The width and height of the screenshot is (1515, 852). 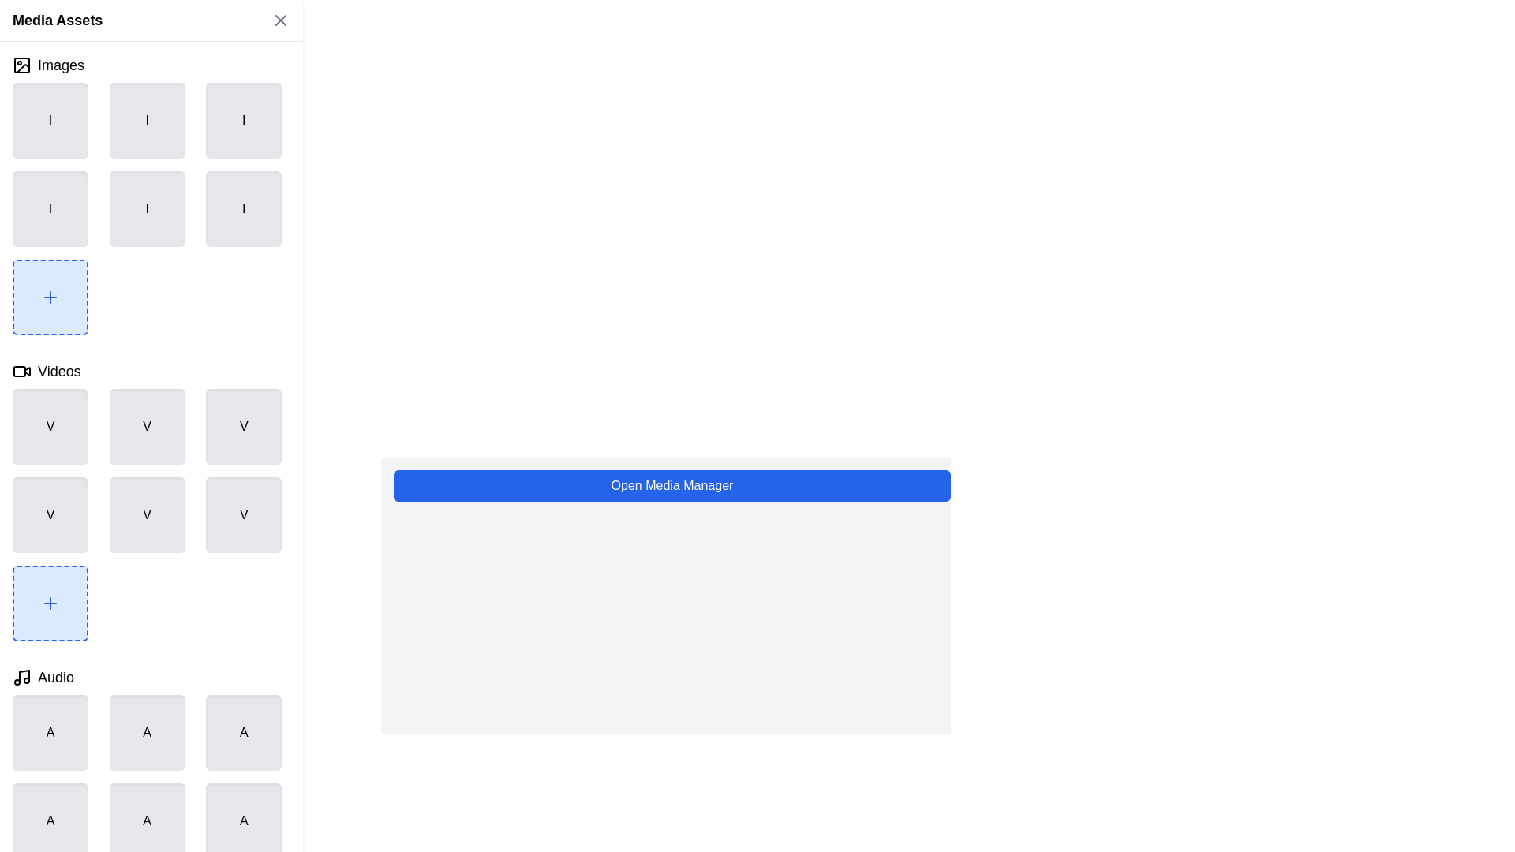 I want to click on the static visual placeholder for the 'Audio' file located in the topmost row of the grid layout, specifically the third element under the 'Audio' section, so click(x=243, y=733).